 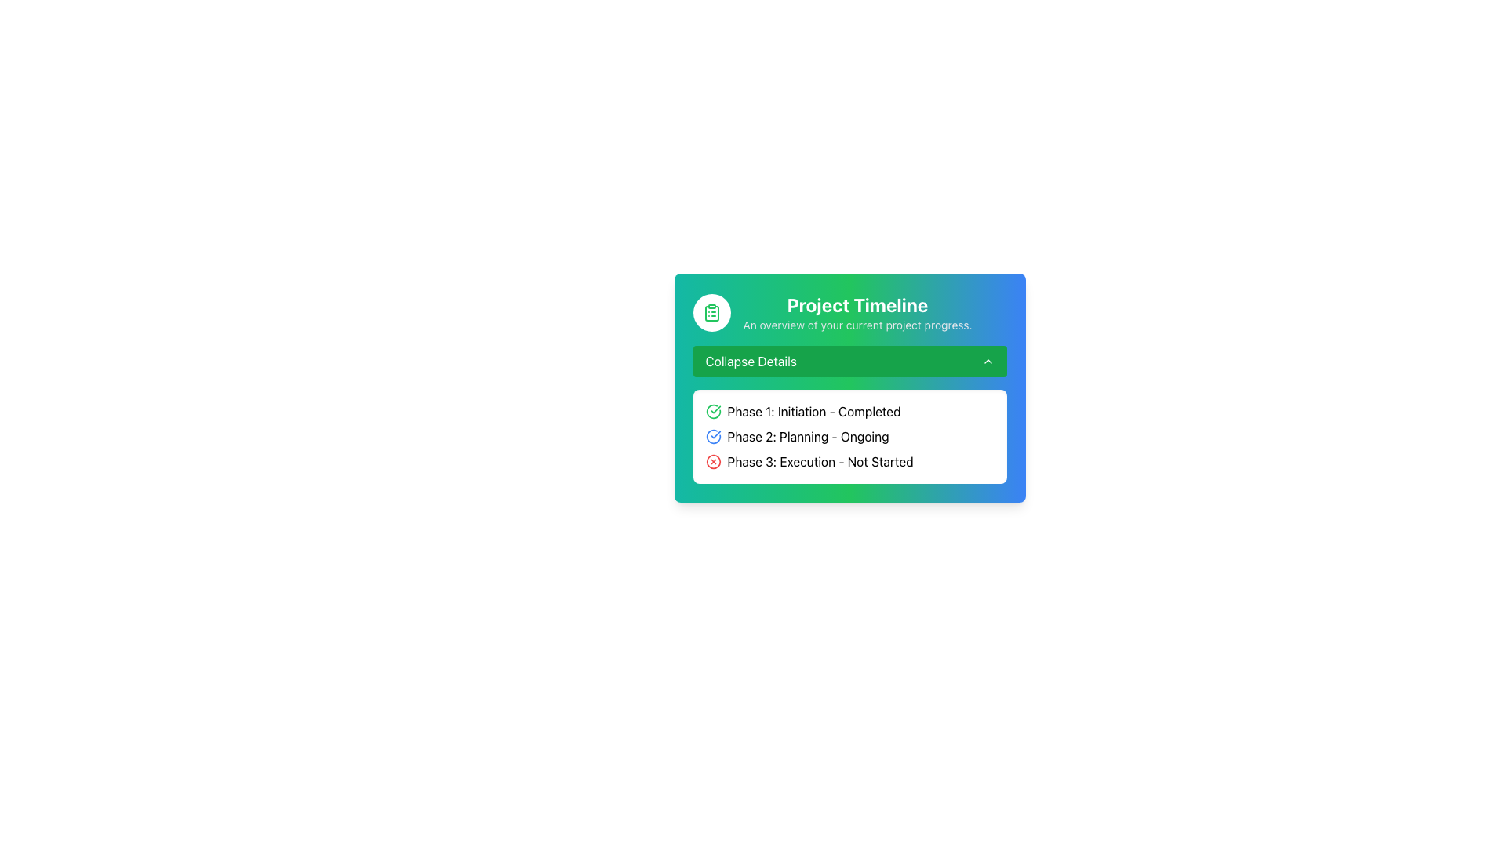 I want to click on the text element stating 'Phase 3: Execution - Not Started' with a red icon to its left, which indicates a negative or incomplete status in the 'Project Timeline' list, so click(x=849, y=461).